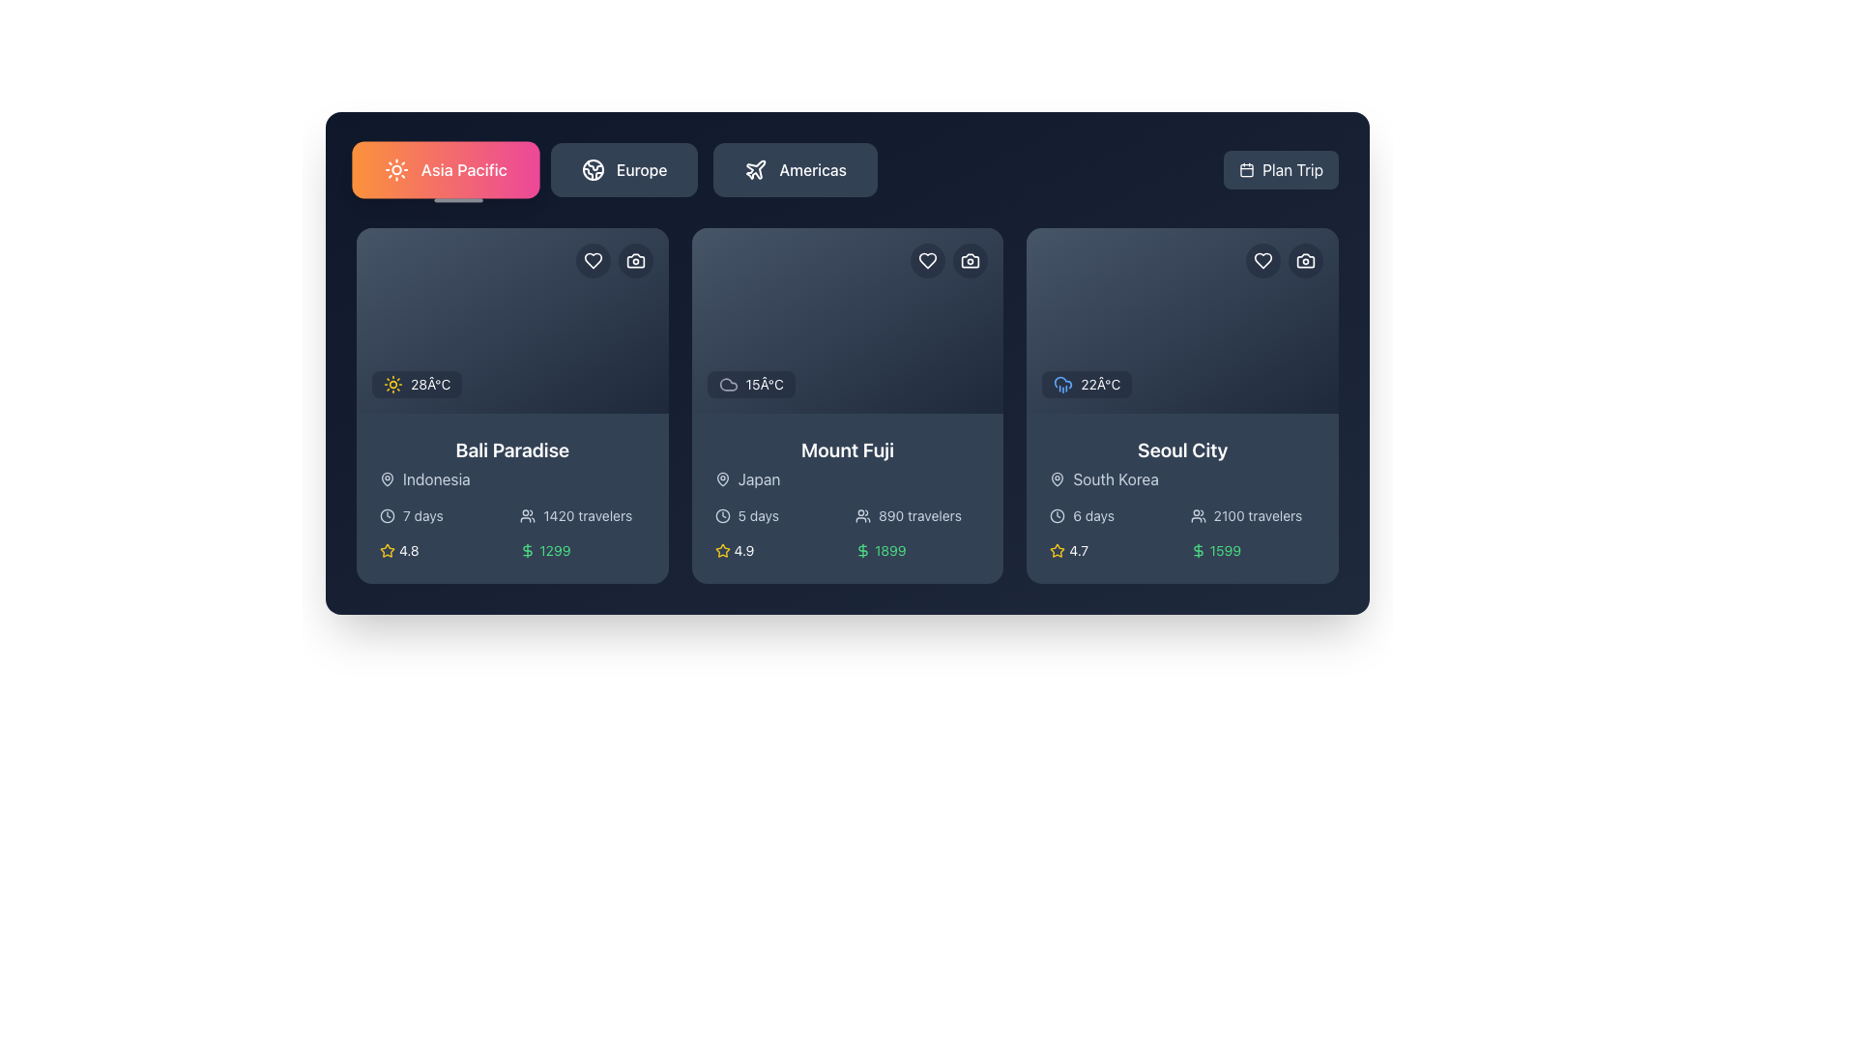  Describe the element at coordinates (889, 551) in the screenshot. I see `the value displayed in the green text label showing the number '1899', which is located at the bottom of the 'Mount Fuji' card, next to the green dollar sign icon` at that location.